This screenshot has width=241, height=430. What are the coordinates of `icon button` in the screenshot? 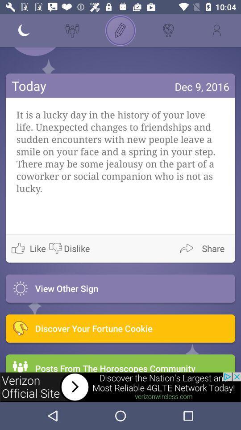 It's located at (228, 51).